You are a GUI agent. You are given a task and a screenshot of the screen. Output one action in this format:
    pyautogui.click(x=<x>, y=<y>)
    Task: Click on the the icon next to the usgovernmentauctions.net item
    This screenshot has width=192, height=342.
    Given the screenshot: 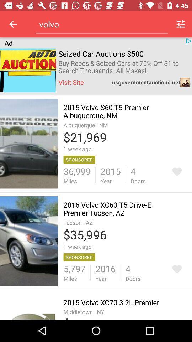 What is the action you would take?
    pyautogui.click(x=71, y=82)
    